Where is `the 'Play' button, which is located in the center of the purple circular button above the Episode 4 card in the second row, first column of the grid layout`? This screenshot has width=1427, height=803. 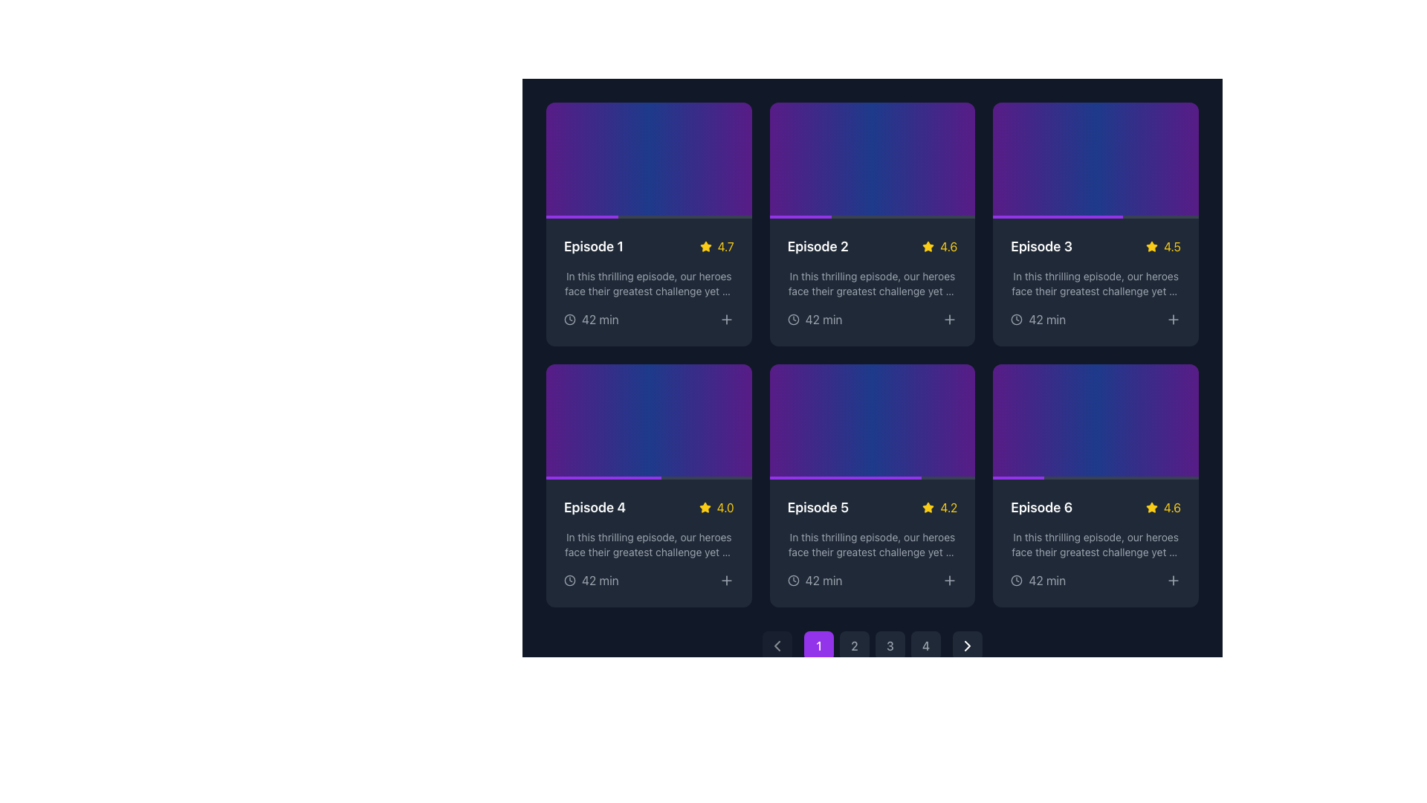 the 'Play' button, which is located in the center of the purple circular button above the Episode 4 card in the second row, first column of the grid layout is located at coordinates (649, 422).